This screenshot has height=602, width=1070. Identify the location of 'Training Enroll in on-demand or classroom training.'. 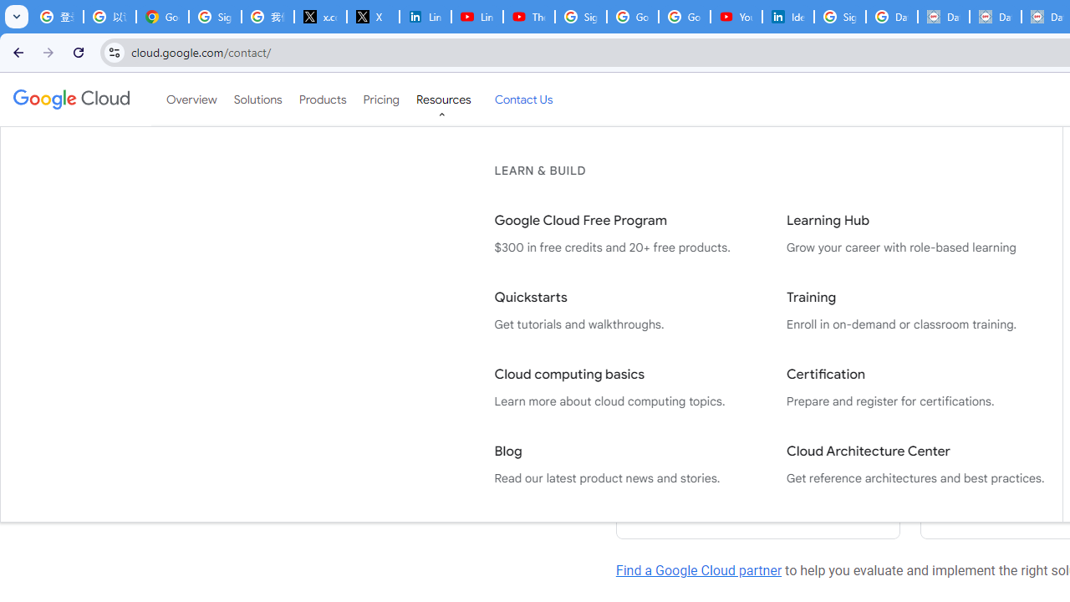
(915, 311).